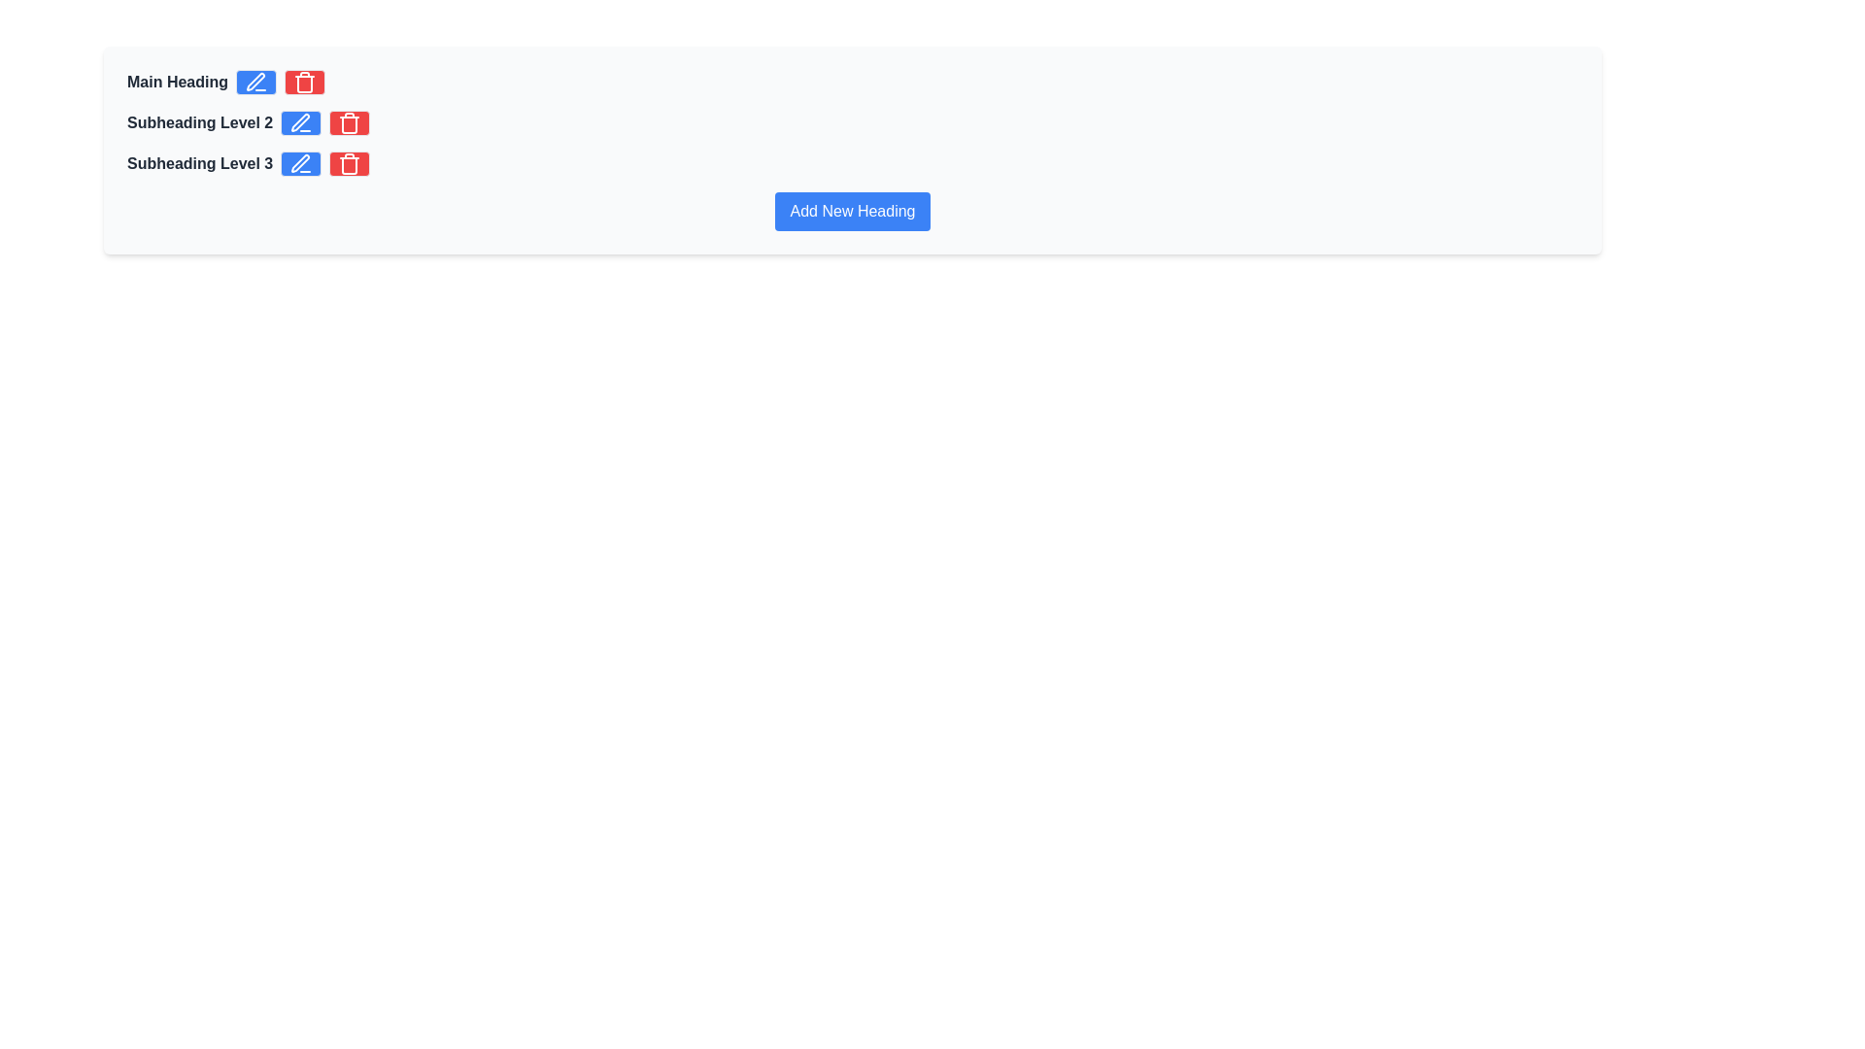 The image size is (1865, 1049). What do you see at coordinates (300, 163) in the screenshot?
I see `the edit button located to the right of the 'Subheading Level 3' text` at bounding box center [300, 163].